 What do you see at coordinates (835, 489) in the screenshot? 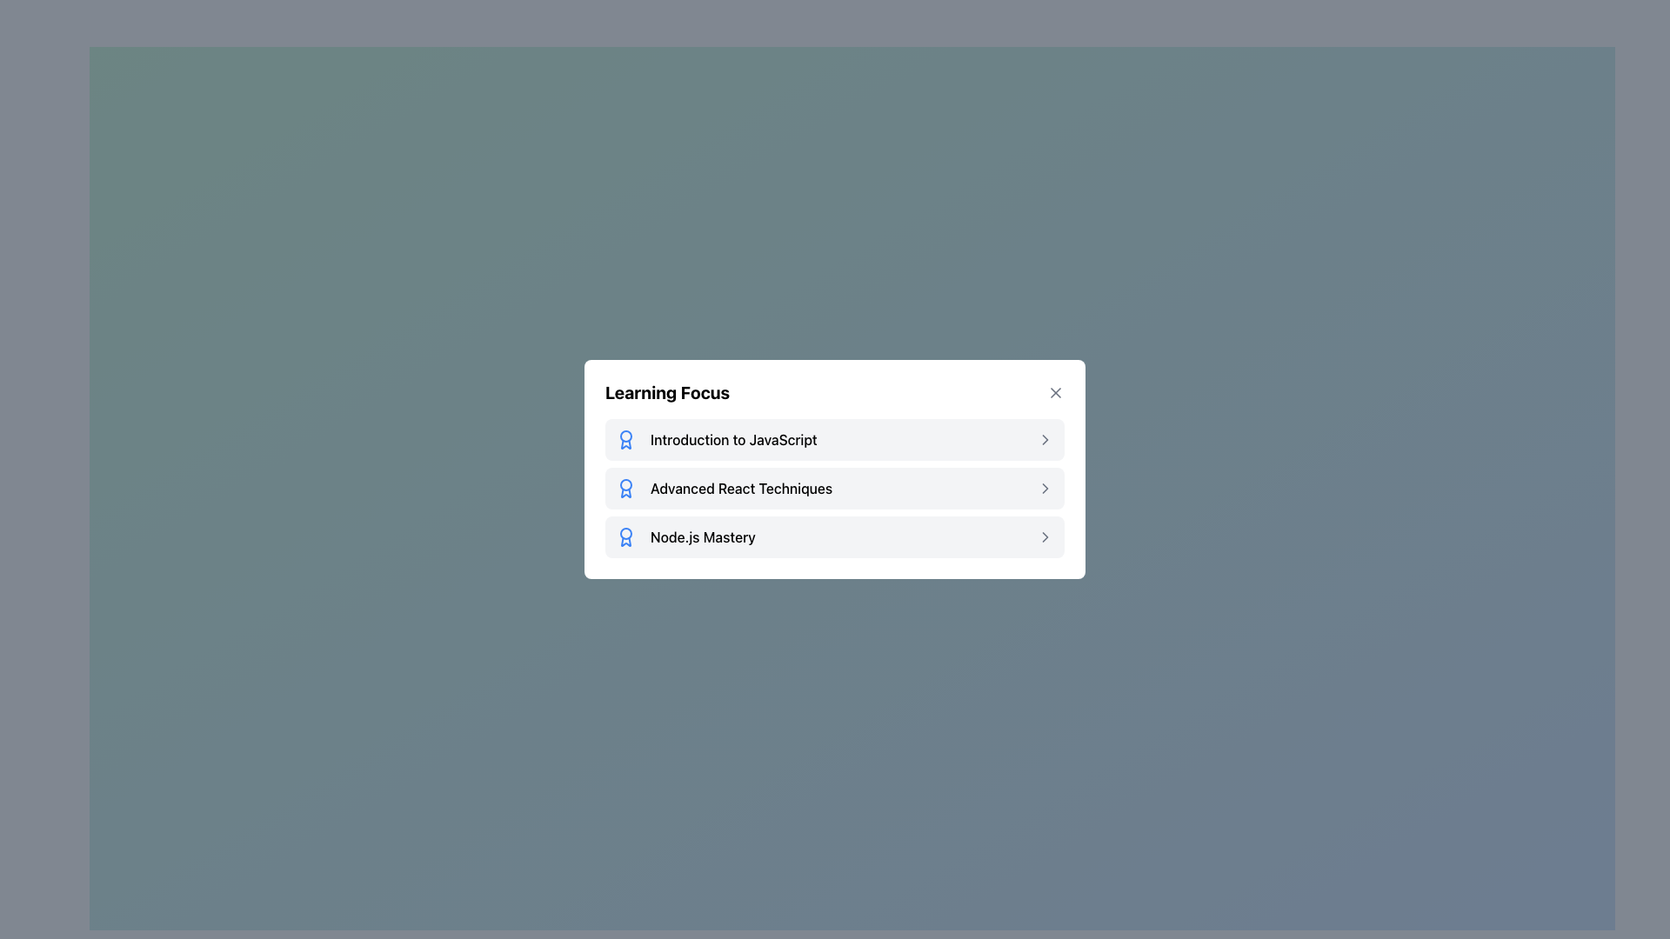
I see `a list item in the 'Learning Focus' section` at bounding box center [835, 489].